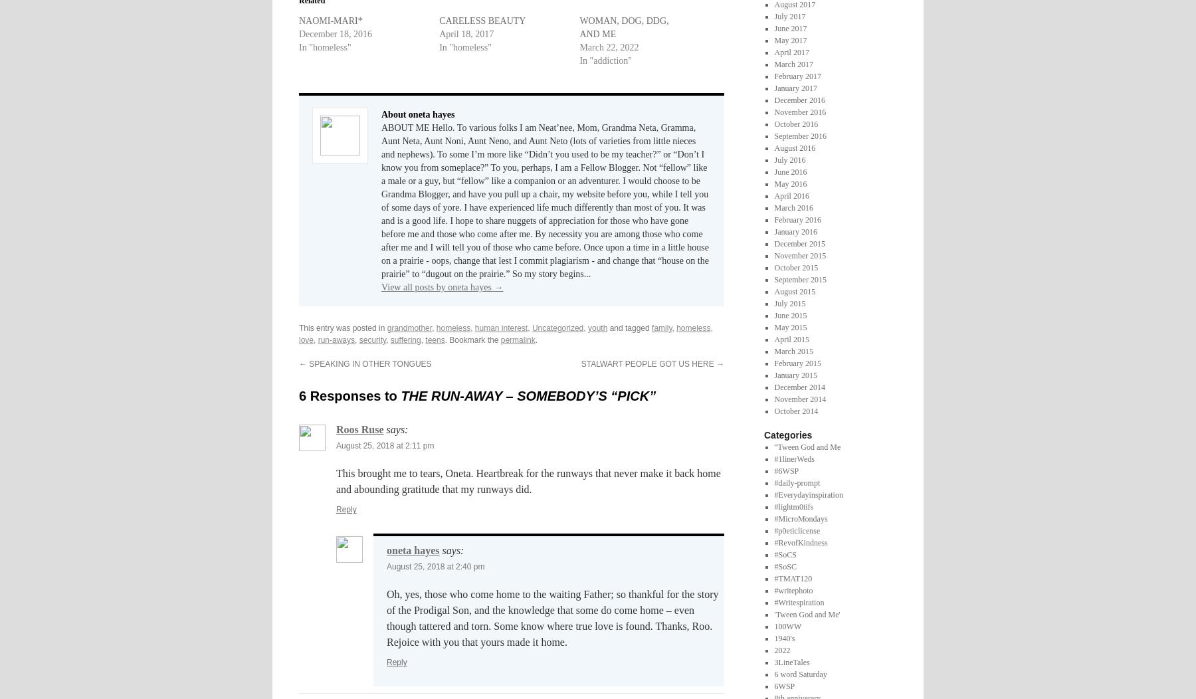  I want to click on 'THE RUN-AWAY – SOMEBODY’S “PICK”', so click(528, 395).